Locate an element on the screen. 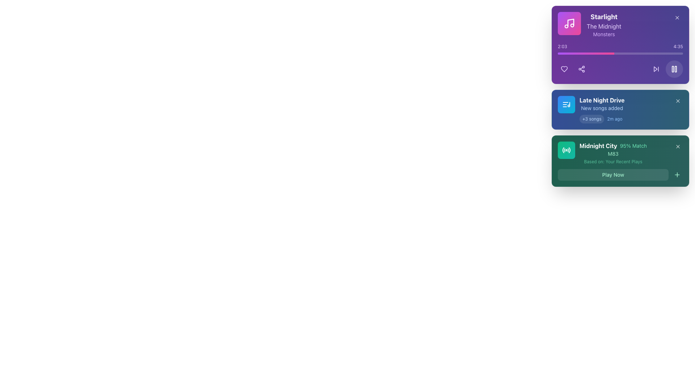 The width and height of the screenshot is (695, 391). the pause button in the music playback interface is located at coordinates (674, 69).